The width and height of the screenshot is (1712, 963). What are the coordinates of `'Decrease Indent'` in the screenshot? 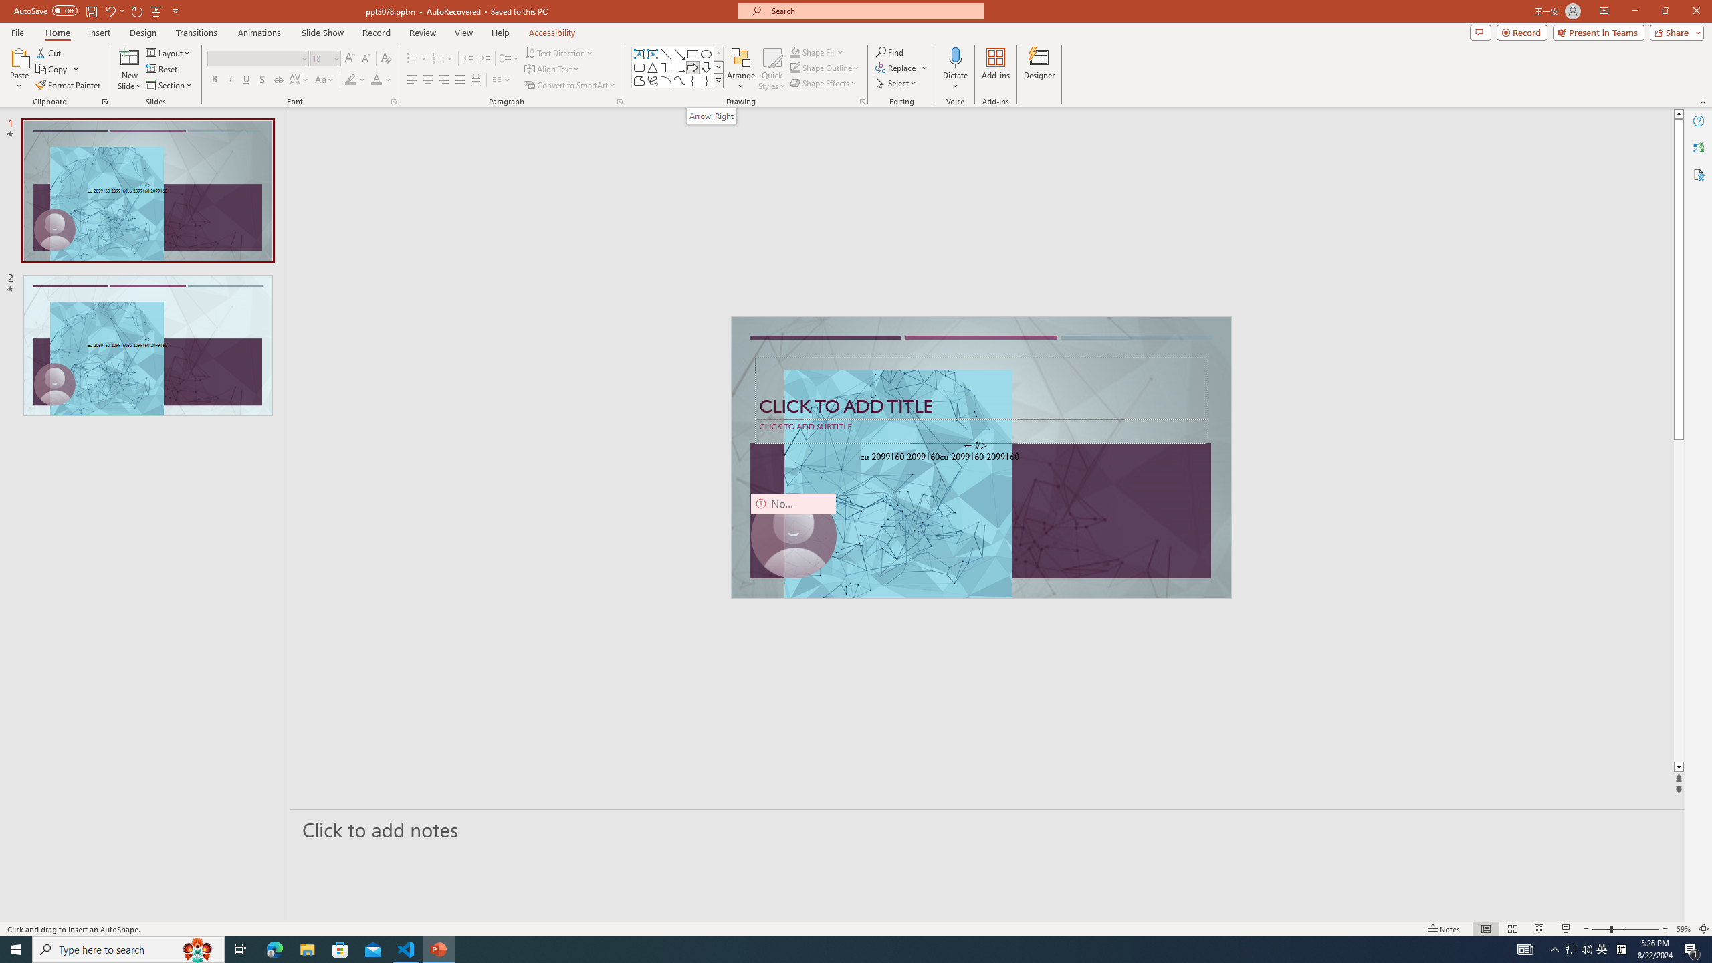 It's located at (469, 58).